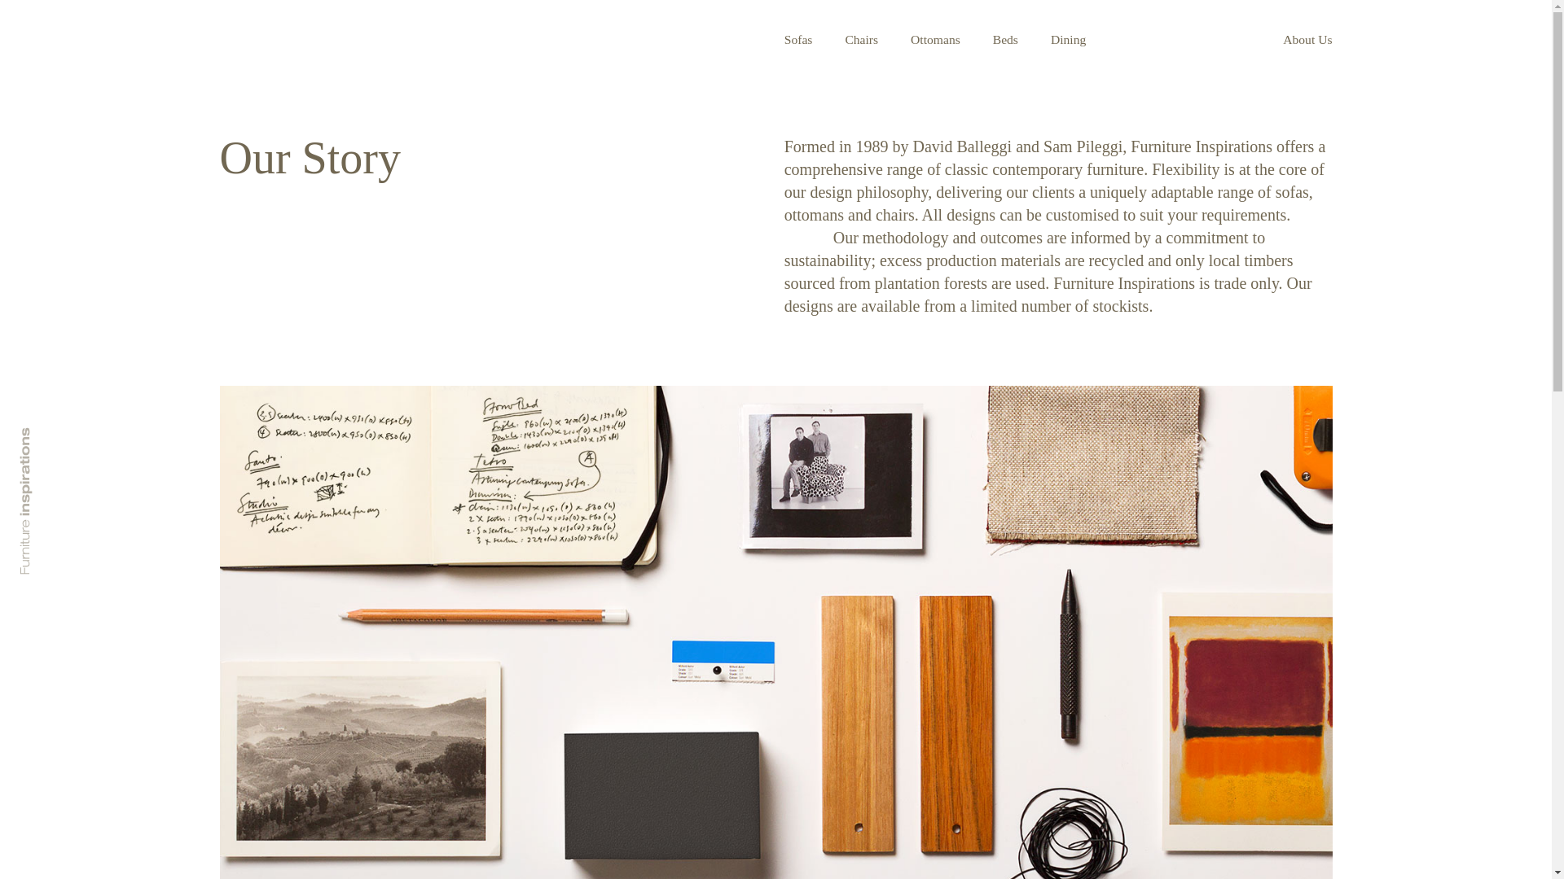 The image size is (1564, 879). I want to click on 'Sofas', so click(784, 38).